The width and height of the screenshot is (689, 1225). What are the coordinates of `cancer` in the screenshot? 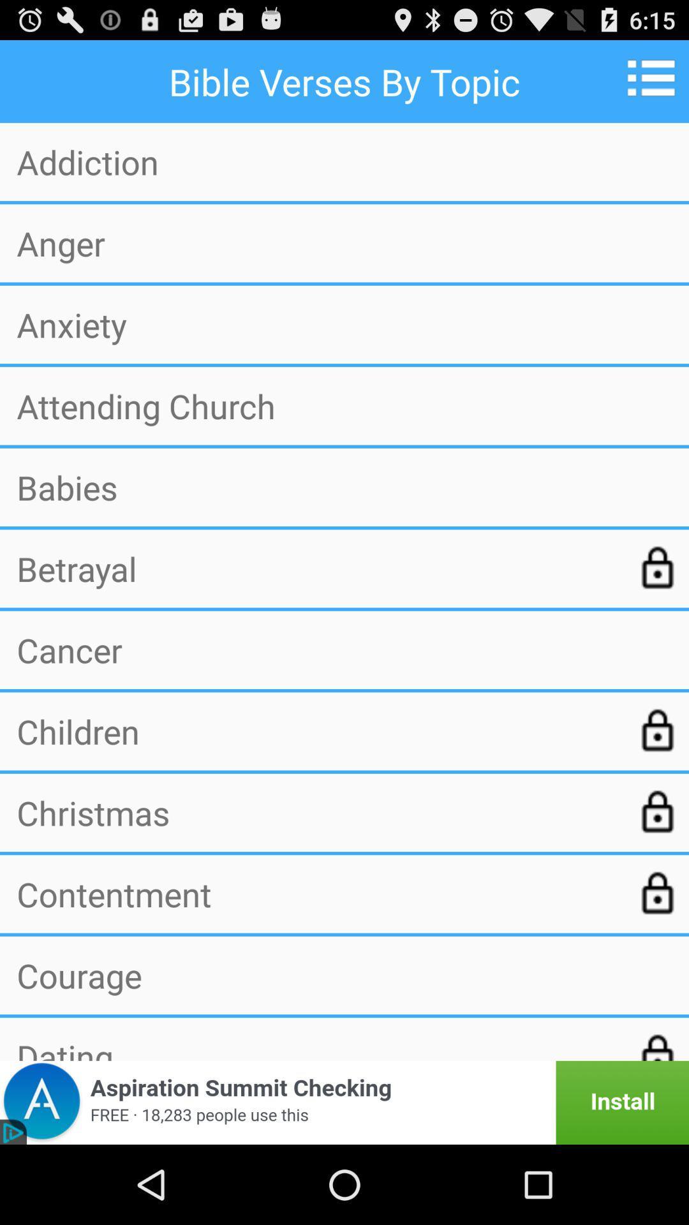 It's located at (344, 650).